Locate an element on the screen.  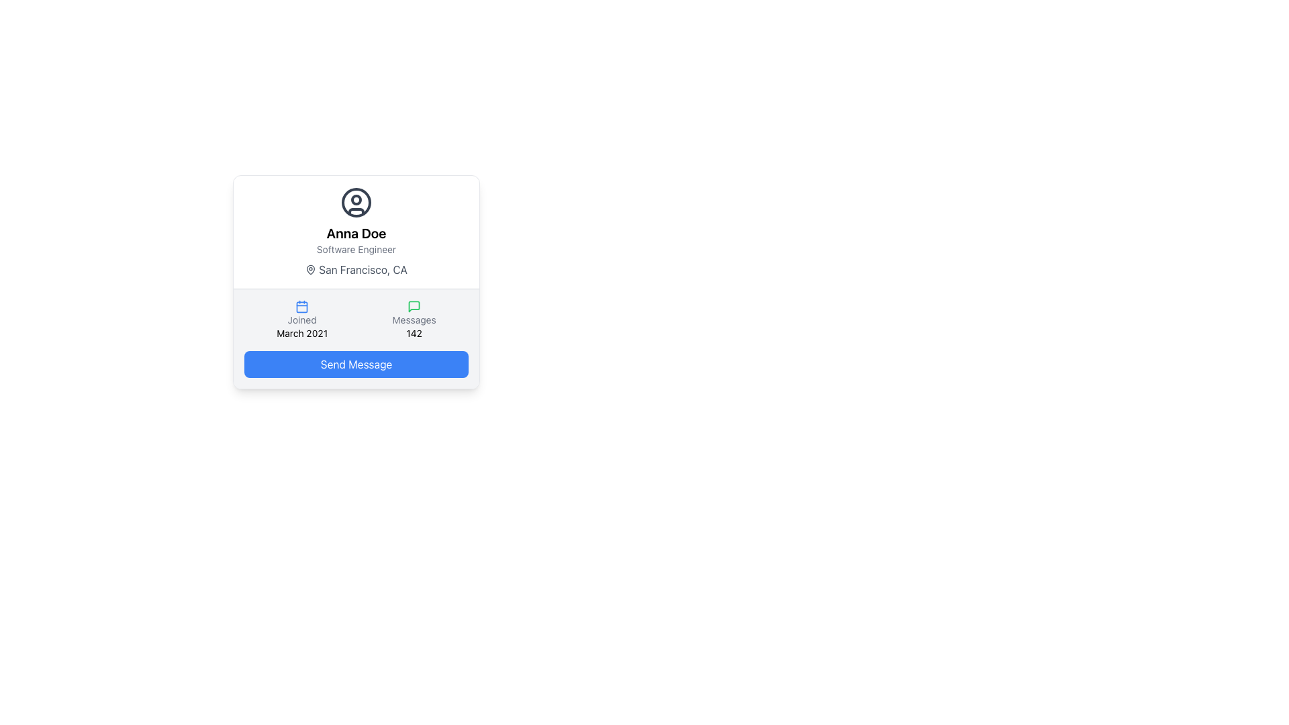
the messaging button located at the bottom of the profile card layout, centered horizontally, below the 'Joined' and 'Messages' sections for keyboard interaction is located at coordinates (356, 365).